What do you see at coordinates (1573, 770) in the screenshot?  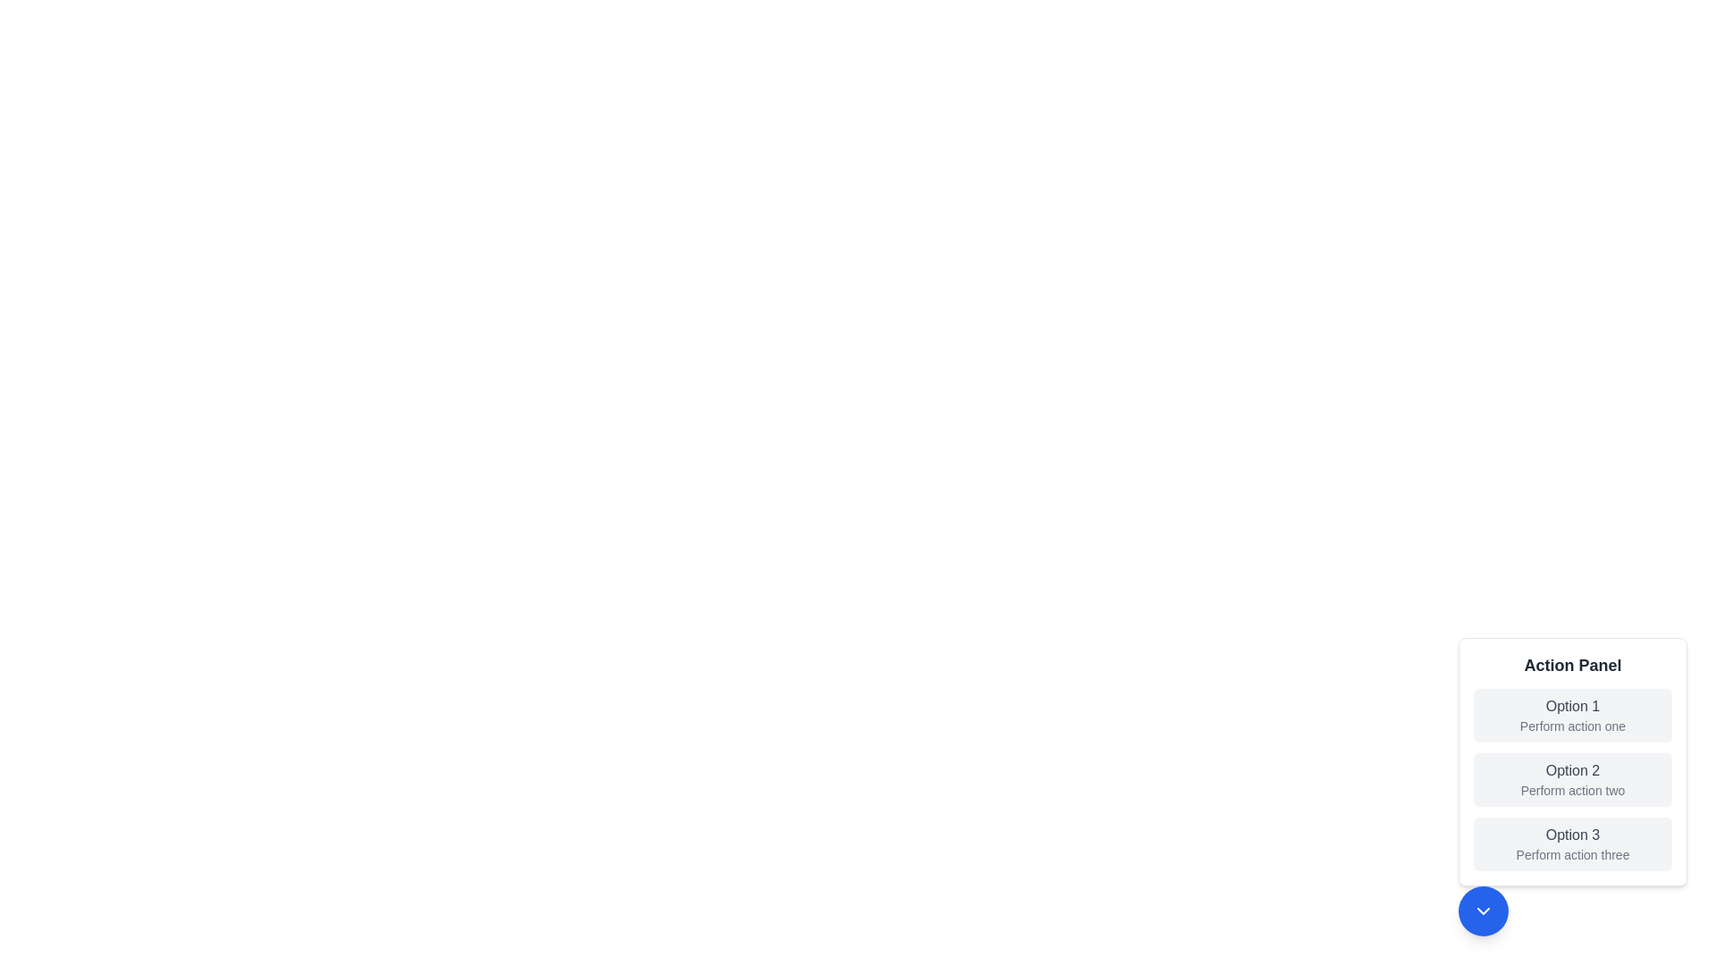 I see `the text label 'Option 2', which is styled with a medium font weight and gray color, located in the vertical list of the 'Action Panel' card` at bounding box center [1573, 770].